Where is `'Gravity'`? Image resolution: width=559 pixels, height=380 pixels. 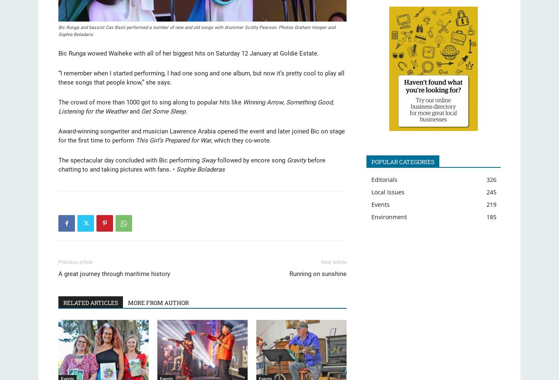
'Gravity' is located at coordinates (296, 160).